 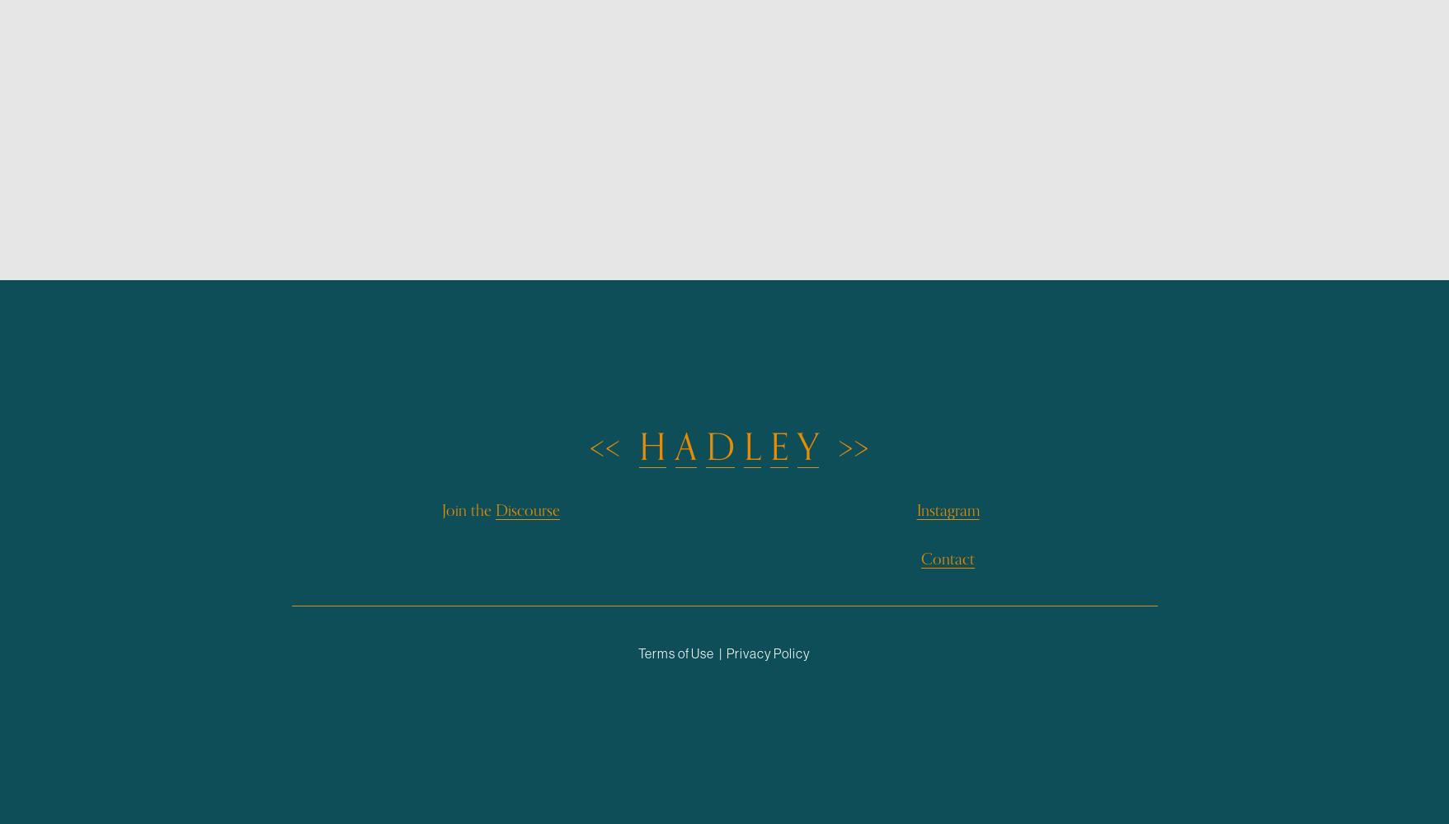 I want to click on 'L', so click(x=751, y=447).